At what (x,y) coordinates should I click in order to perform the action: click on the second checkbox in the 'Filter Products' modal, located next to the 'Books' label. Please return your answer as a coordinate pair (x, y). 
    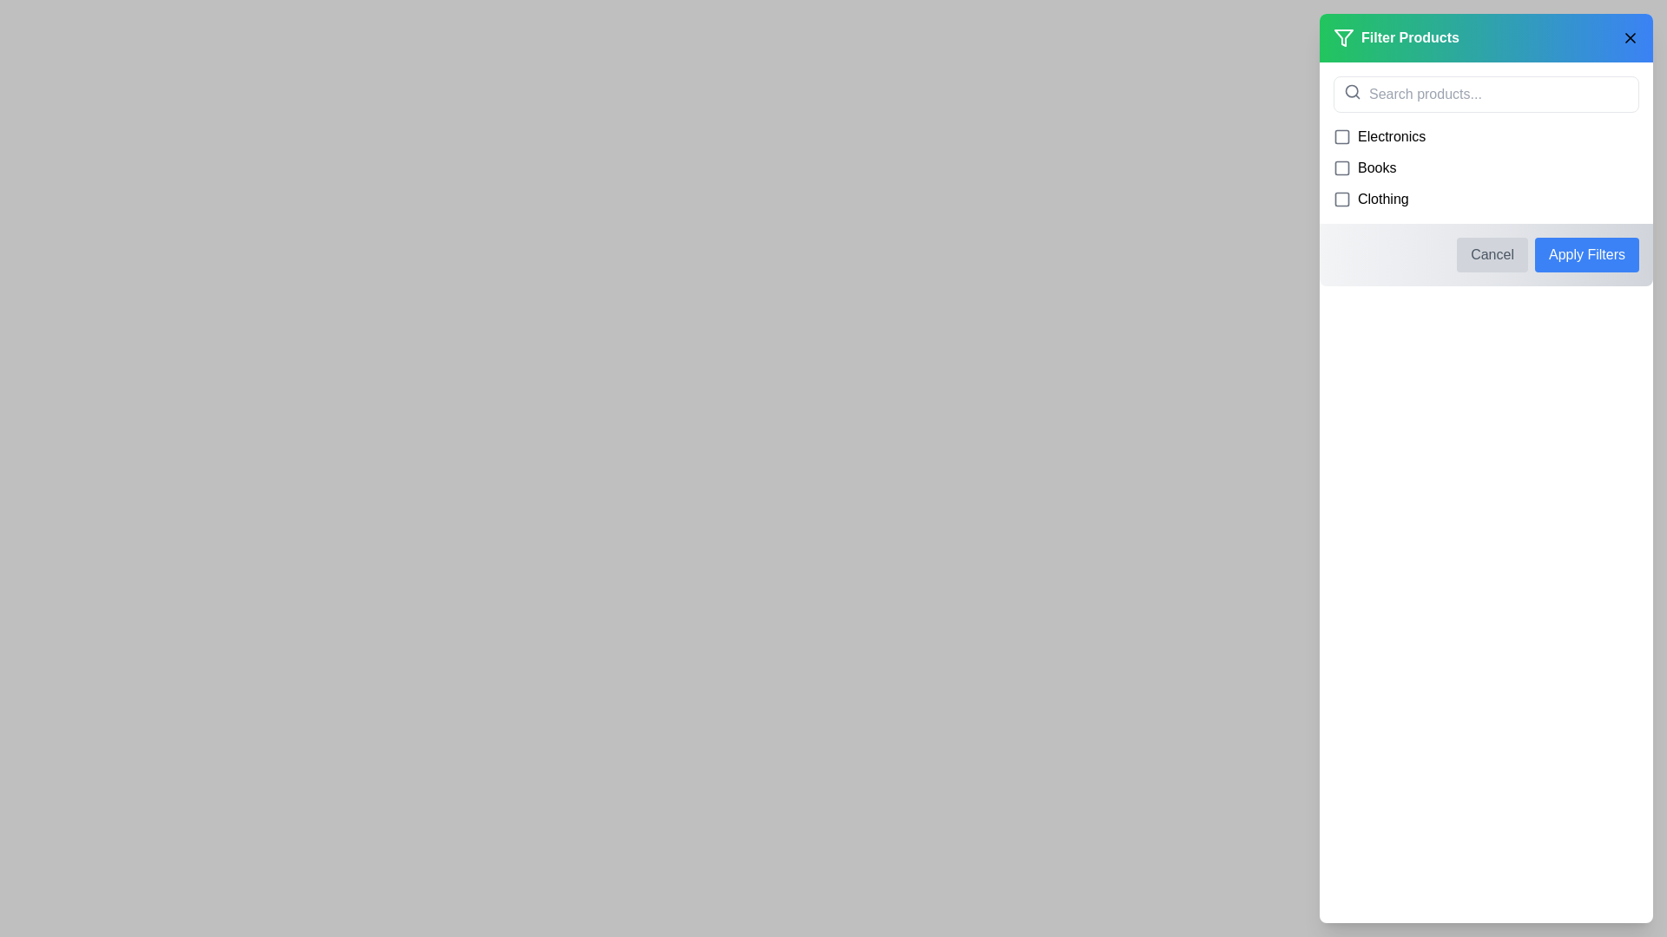
    Looking at the image, I should click on (1341, 167).